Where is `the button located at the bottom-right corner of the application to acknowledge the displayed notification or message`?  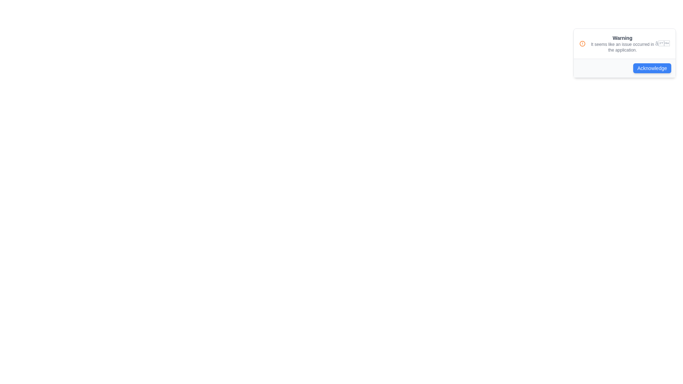 the button located at the bottom-right corner of the application to acknowledge the displayed notification or message is located at coordinates (652, 68).